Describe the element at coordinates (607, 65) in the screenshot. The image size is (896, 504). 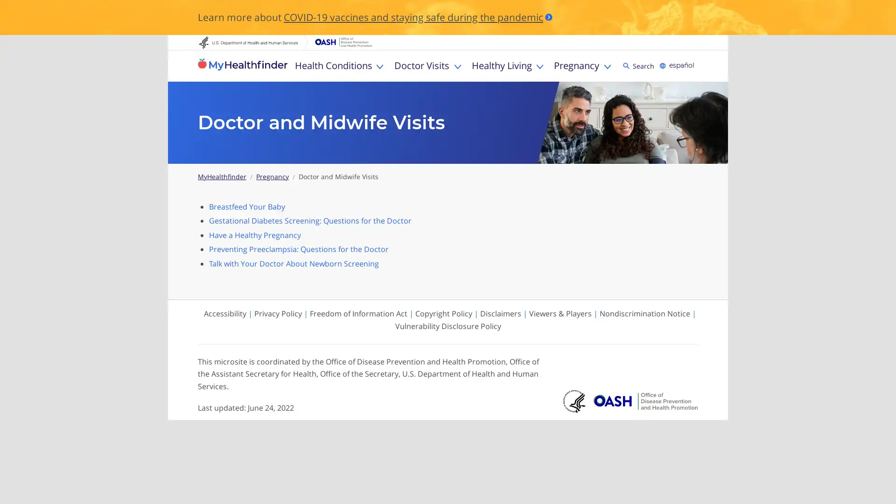
I see `Toggle Pregnancy sub menu` at that location.